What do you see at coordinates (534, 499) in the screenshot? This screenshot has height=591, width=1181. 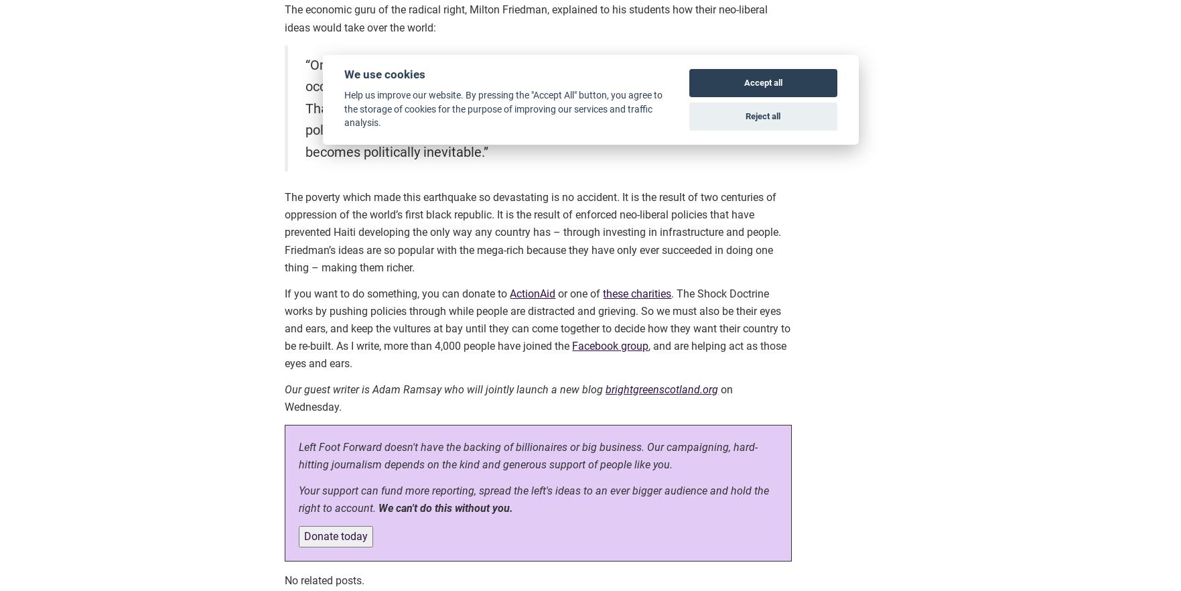 I see `'Your support can fund more reporting, spread the left's ideas to an ever bigger audience and hold the right to account.'` at bounding box center [534, 499].